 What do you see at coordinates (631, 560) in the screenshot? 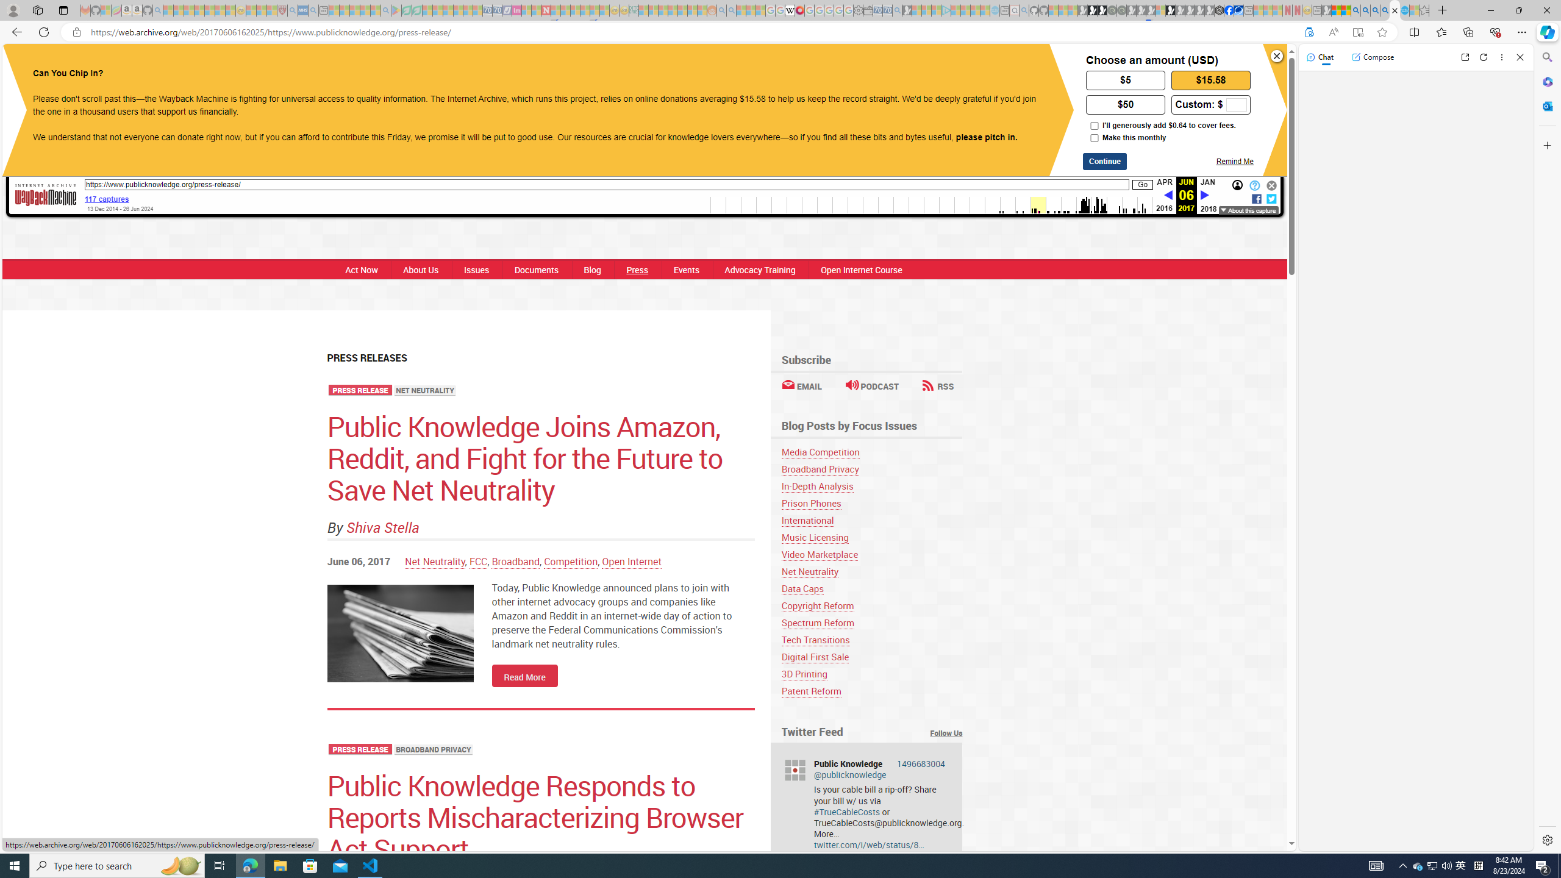
I see `'Open Internet'` at bounding box center [631, 560].